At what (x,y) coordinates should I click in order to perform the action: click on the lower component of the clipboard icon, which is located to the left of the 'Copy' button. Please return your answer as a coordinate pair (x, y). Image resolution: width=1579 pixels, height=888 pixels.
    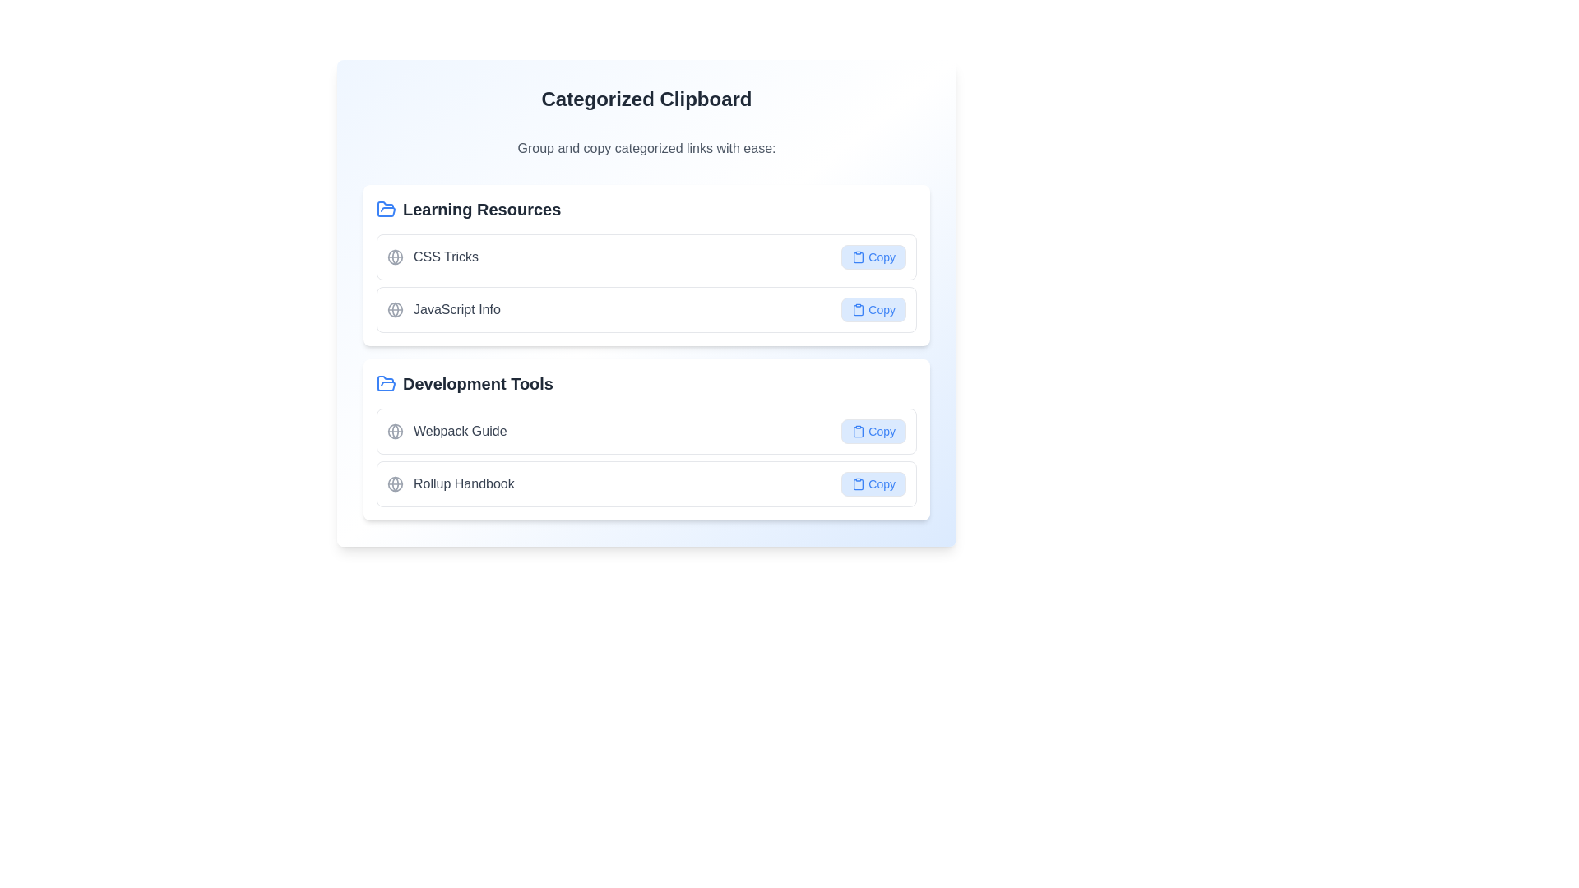
    Looking at the image, I should click on (858, 431).